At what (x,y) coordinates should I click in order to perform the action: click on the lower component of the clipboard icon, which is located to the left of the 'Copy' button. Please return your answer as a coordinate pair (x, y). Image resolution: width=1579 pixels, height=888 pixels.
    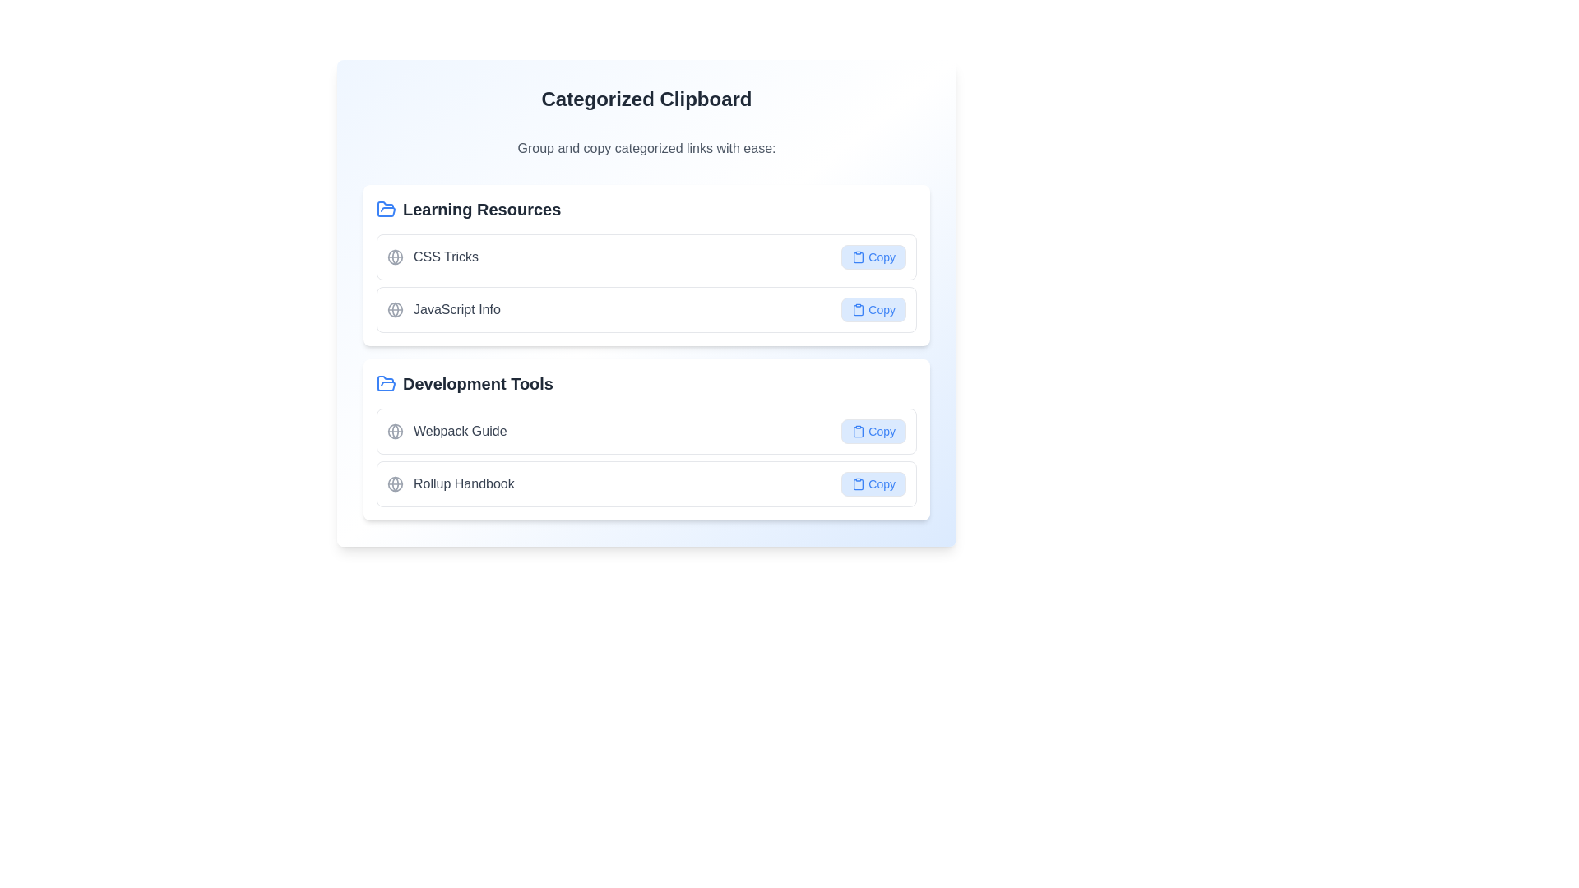
    Looking at the image, I should click on (858, 431).